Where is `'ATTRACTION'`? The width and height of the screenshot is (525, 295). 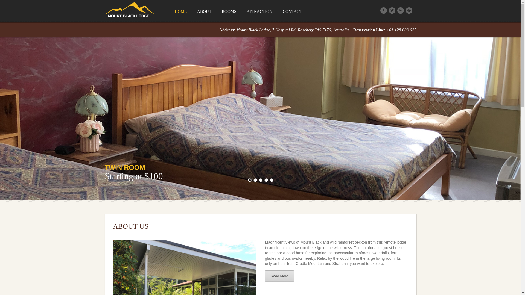
'ATTRACTION' is located at coordinates (241, 11).